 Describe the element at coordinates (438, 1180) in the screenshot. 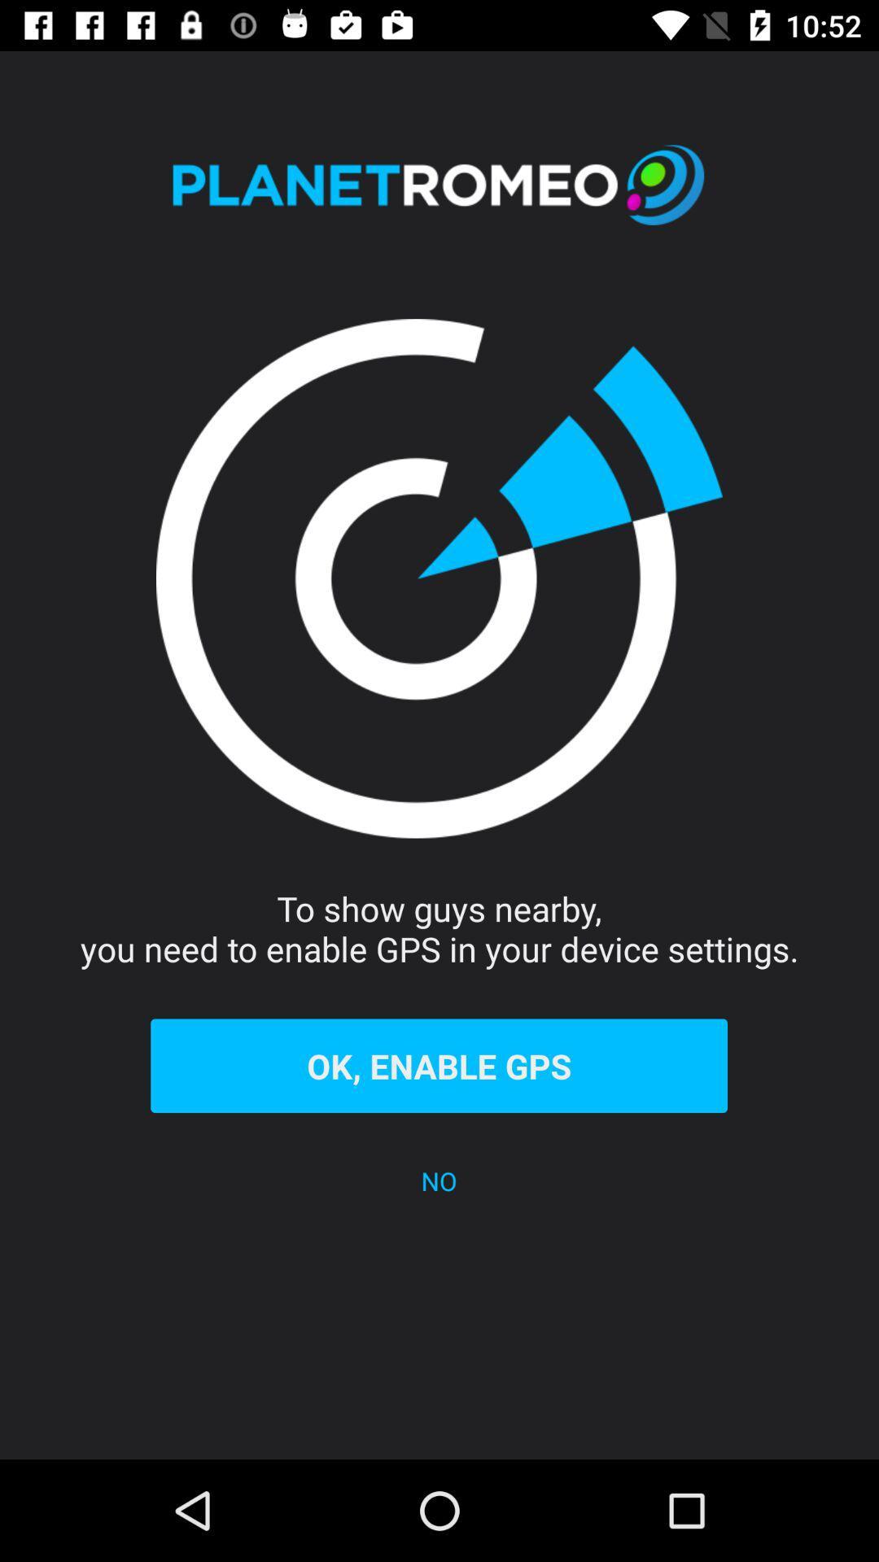

I see `no` at that location.